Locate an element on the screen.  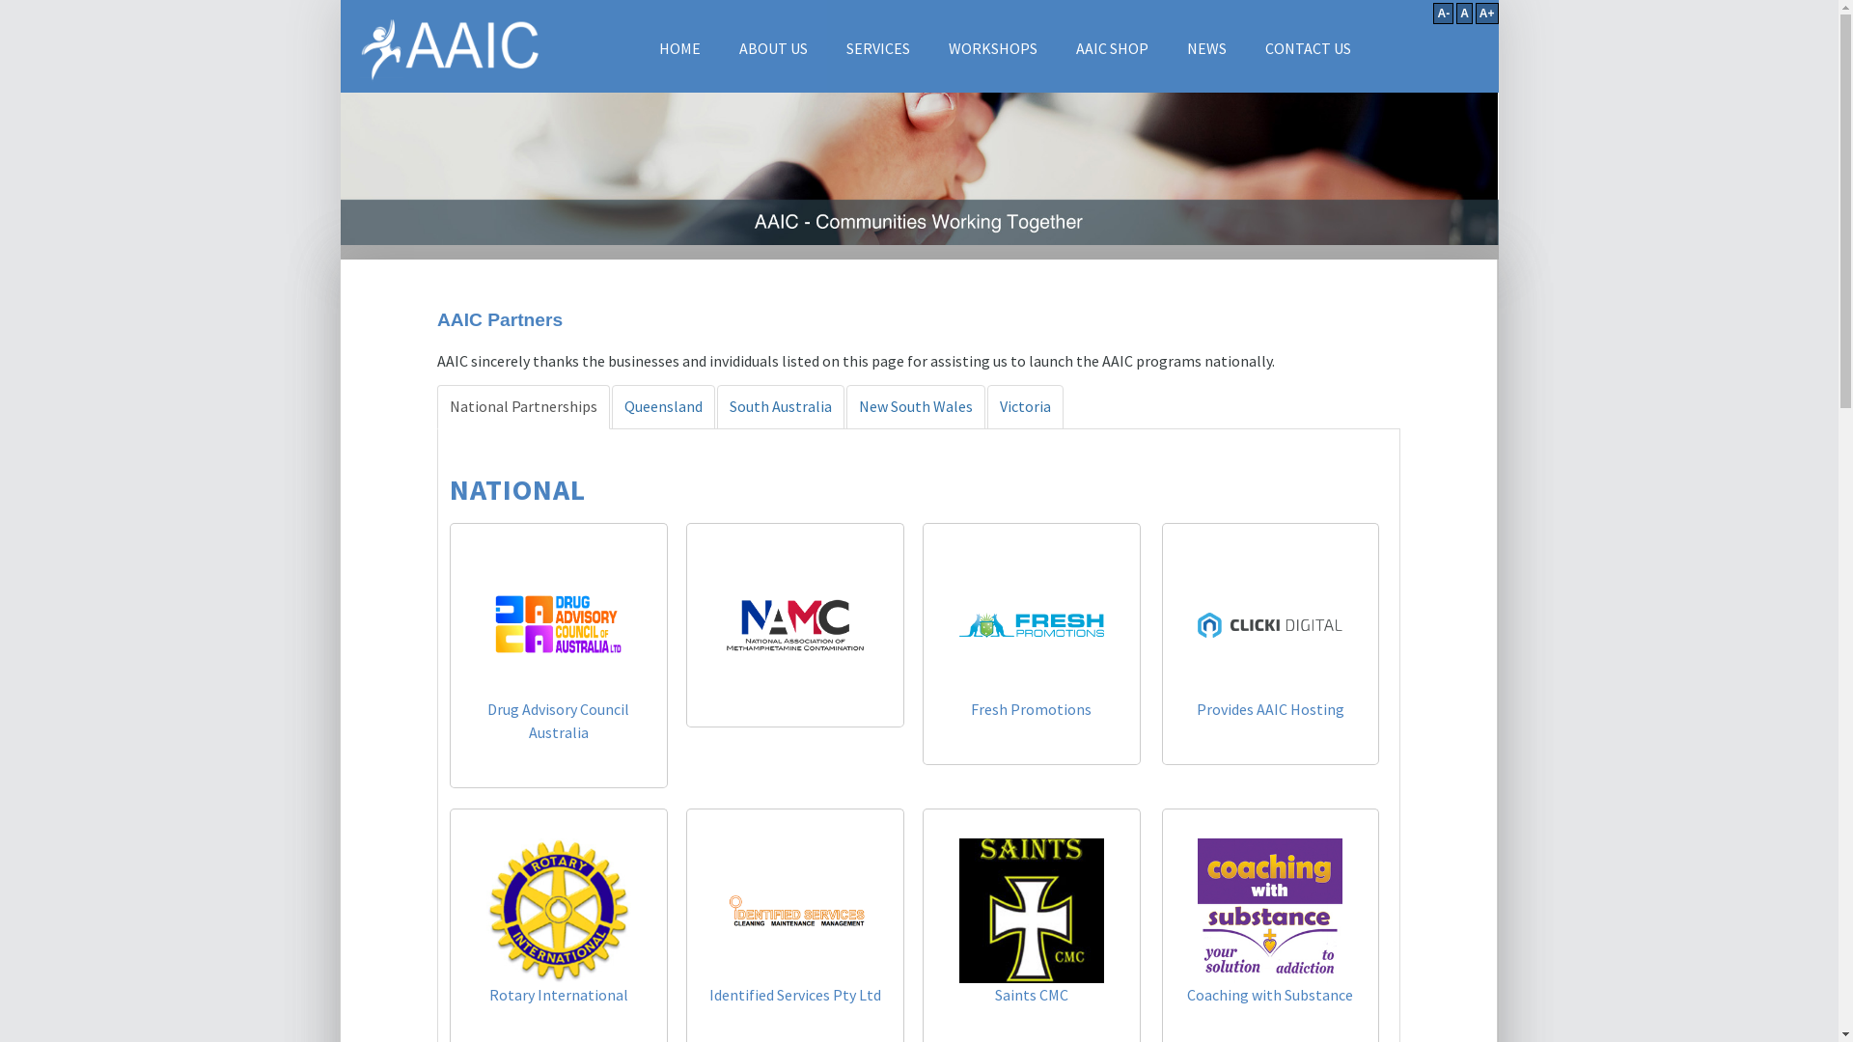
'A-' is located at coordinates (1443, 14).